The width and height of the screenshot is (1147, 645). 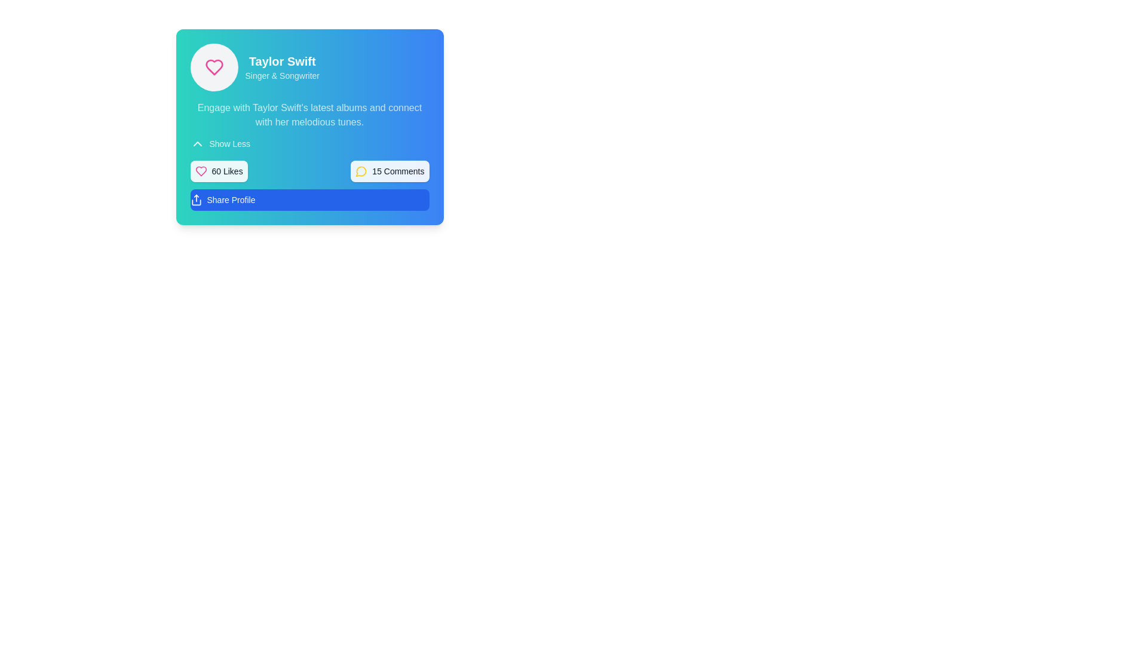 What do you see at coordinates (309, 171) in the screenshot?
I see `the Informational panel that presents the summary of likes and comments, located below the profile information and above the 'Share Profile' button` at bounding box center [309, 171].